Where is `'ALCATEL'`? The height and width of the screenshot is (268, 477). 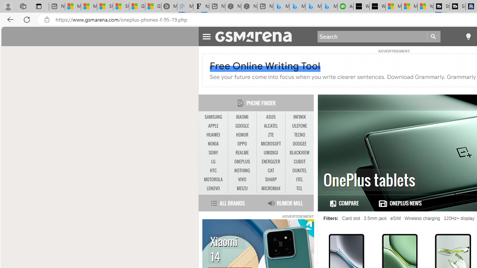
'ALCATEL' is located at coordinates (271, 125).